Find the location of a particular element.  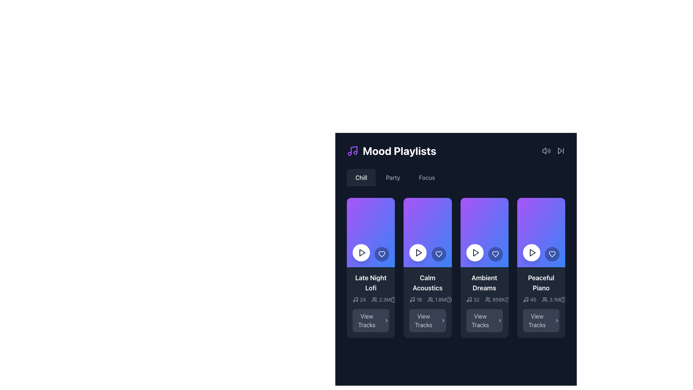

the heart icon located in the top-right corner of the fourth card in the playlist section to like the playlist is located at coordinates (552, 254).